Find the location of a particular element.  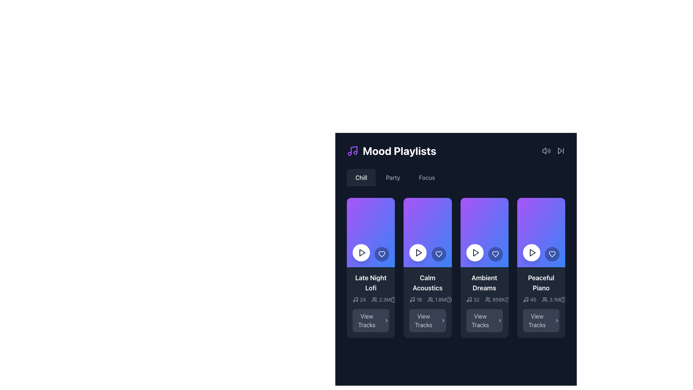

the heart icon located in the top-right corner of the fourth card in the playlist section to like the playlist is located at coordinates (552, 254).